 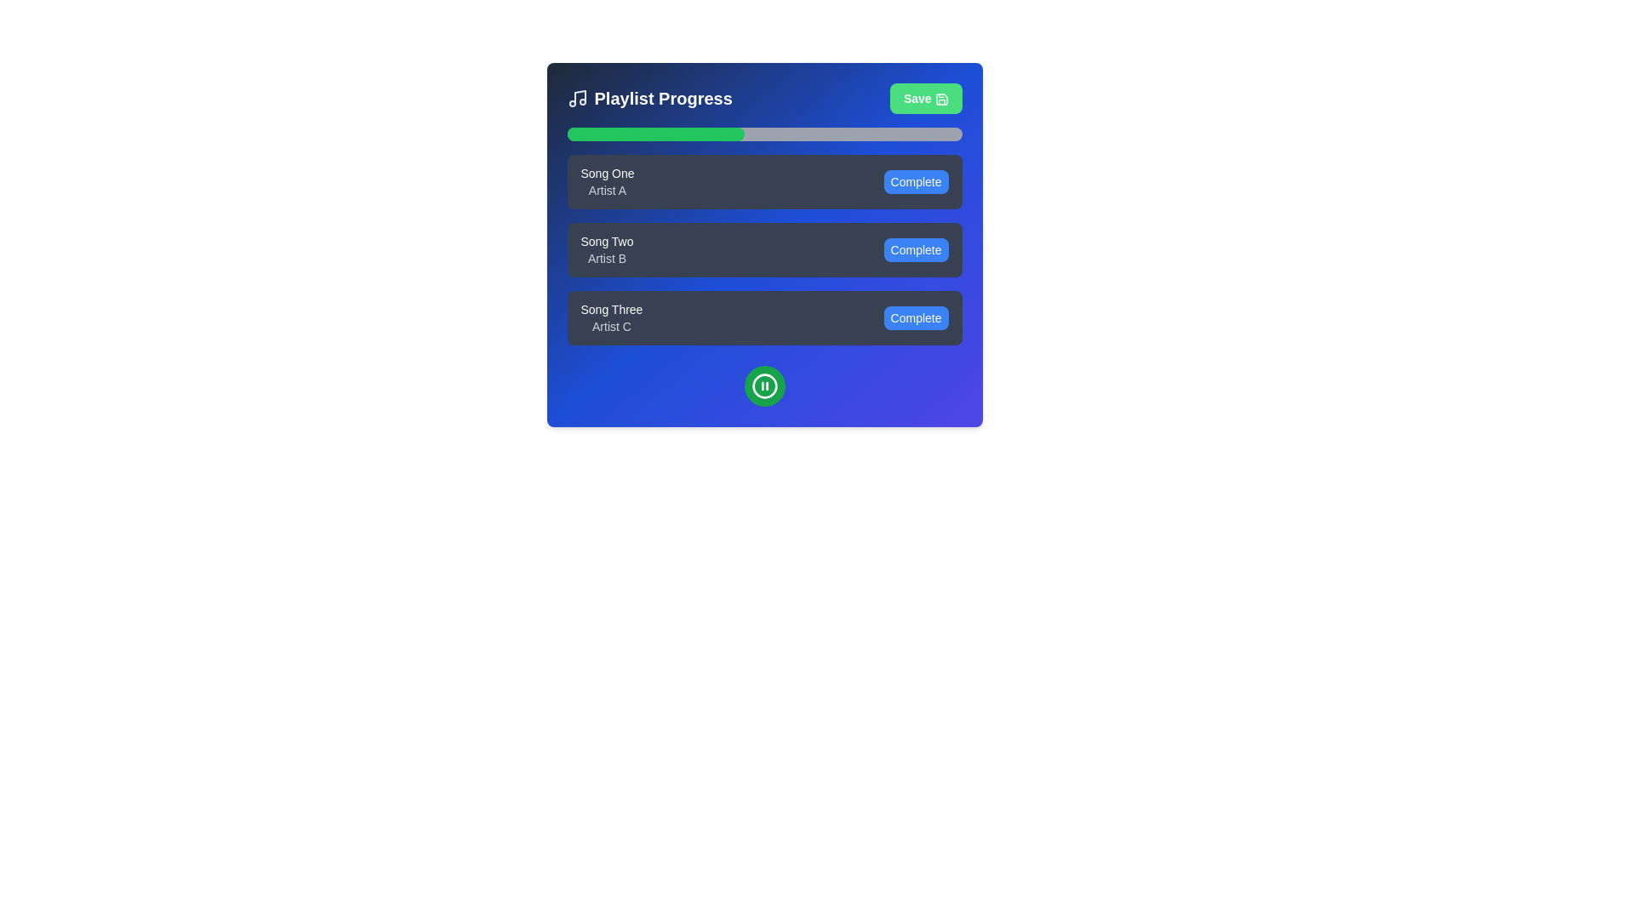 What do you see at coordinates (648, 98) in the screenshot?
I see `the static text header indicating the progress of the playlist, located at the top-left of the interface, above the green progress bar` at bounding box center [648, 98].